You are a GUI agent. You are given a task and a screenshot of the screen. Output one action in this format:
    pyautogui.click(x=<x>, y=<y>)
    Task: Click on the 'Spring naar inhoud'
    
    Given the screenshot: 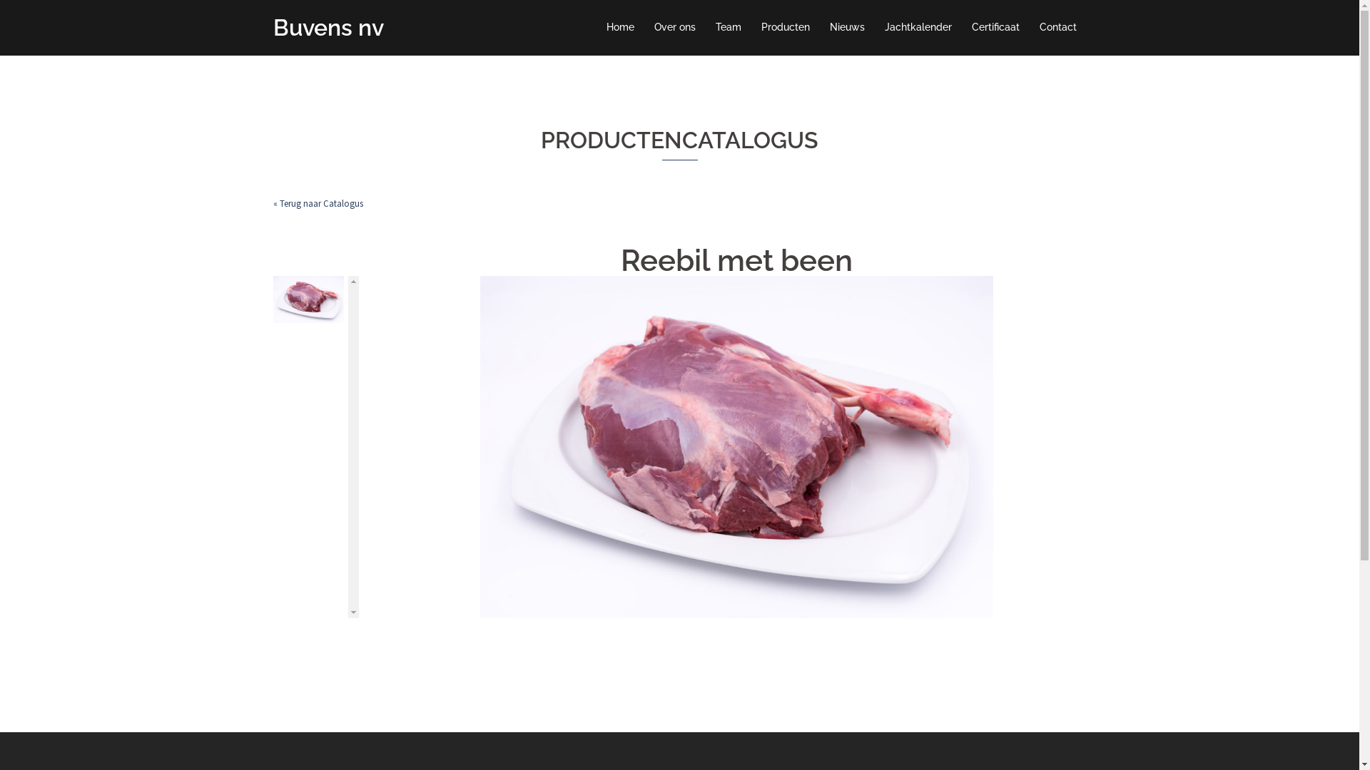 What is the action you would take?
    pyautogui.click(x=0, y=0)
    